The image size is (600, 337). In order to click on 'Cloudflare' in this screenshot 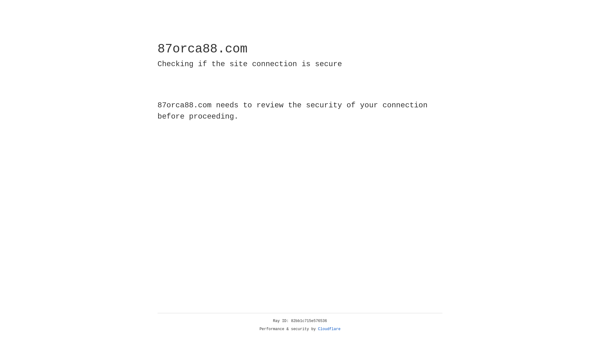, I will do `click(329, 329)`.